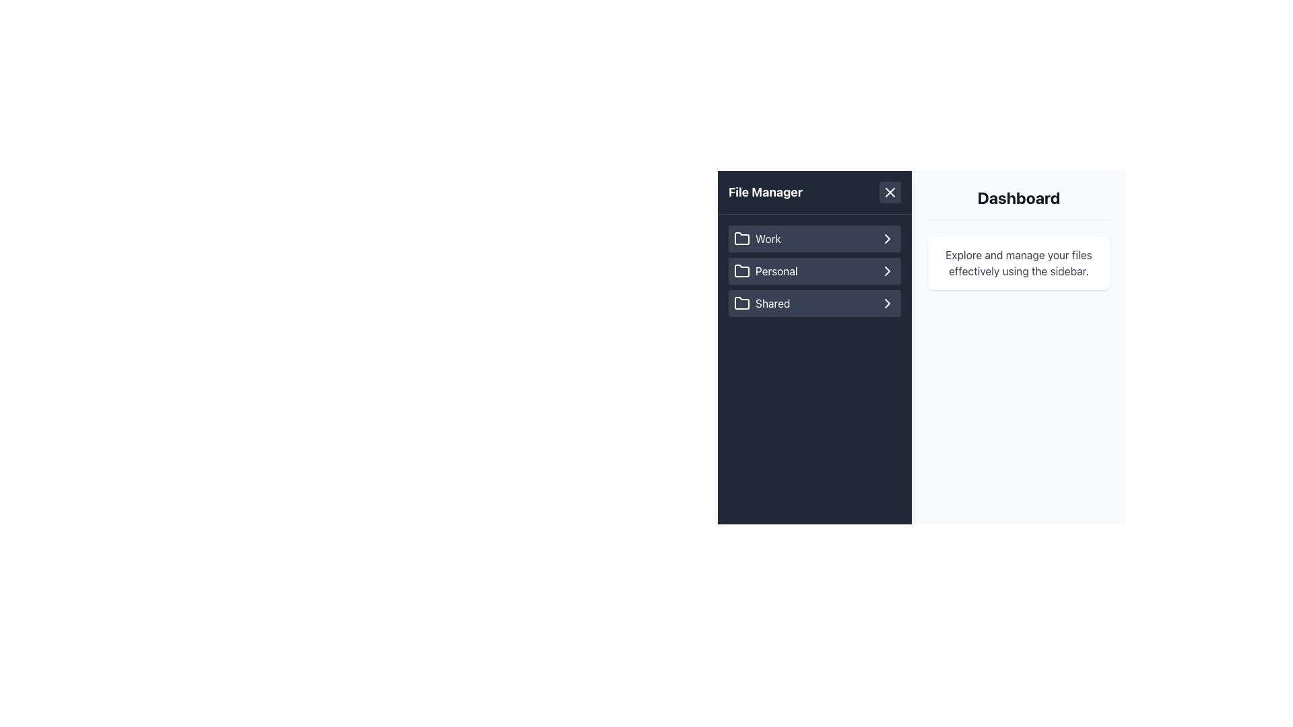 This screenshot has width=1293, height=727. What do you see at coordinates (814, 238) in the screenshot?
I see `keyboard interaction on the first clickable label in the 'File Manager' sidebar that navigates to the 'Work' folder` at bounding box center [814, 238].